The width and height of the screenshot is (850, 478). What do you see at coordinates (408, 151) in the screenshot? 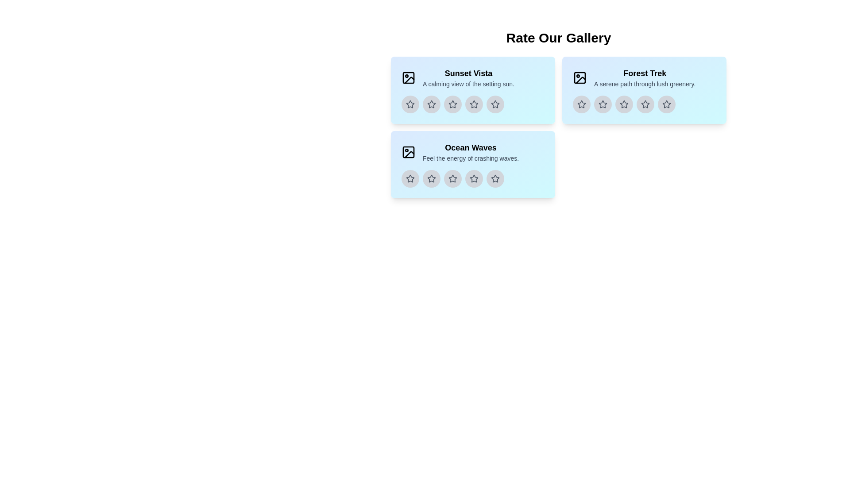
I see `the decorative rectangle located in the 'Ocean Waves' card, which is a small rectangle with rounded corners positioned in the top-left corner of the card` at bounding box center [408, 151].